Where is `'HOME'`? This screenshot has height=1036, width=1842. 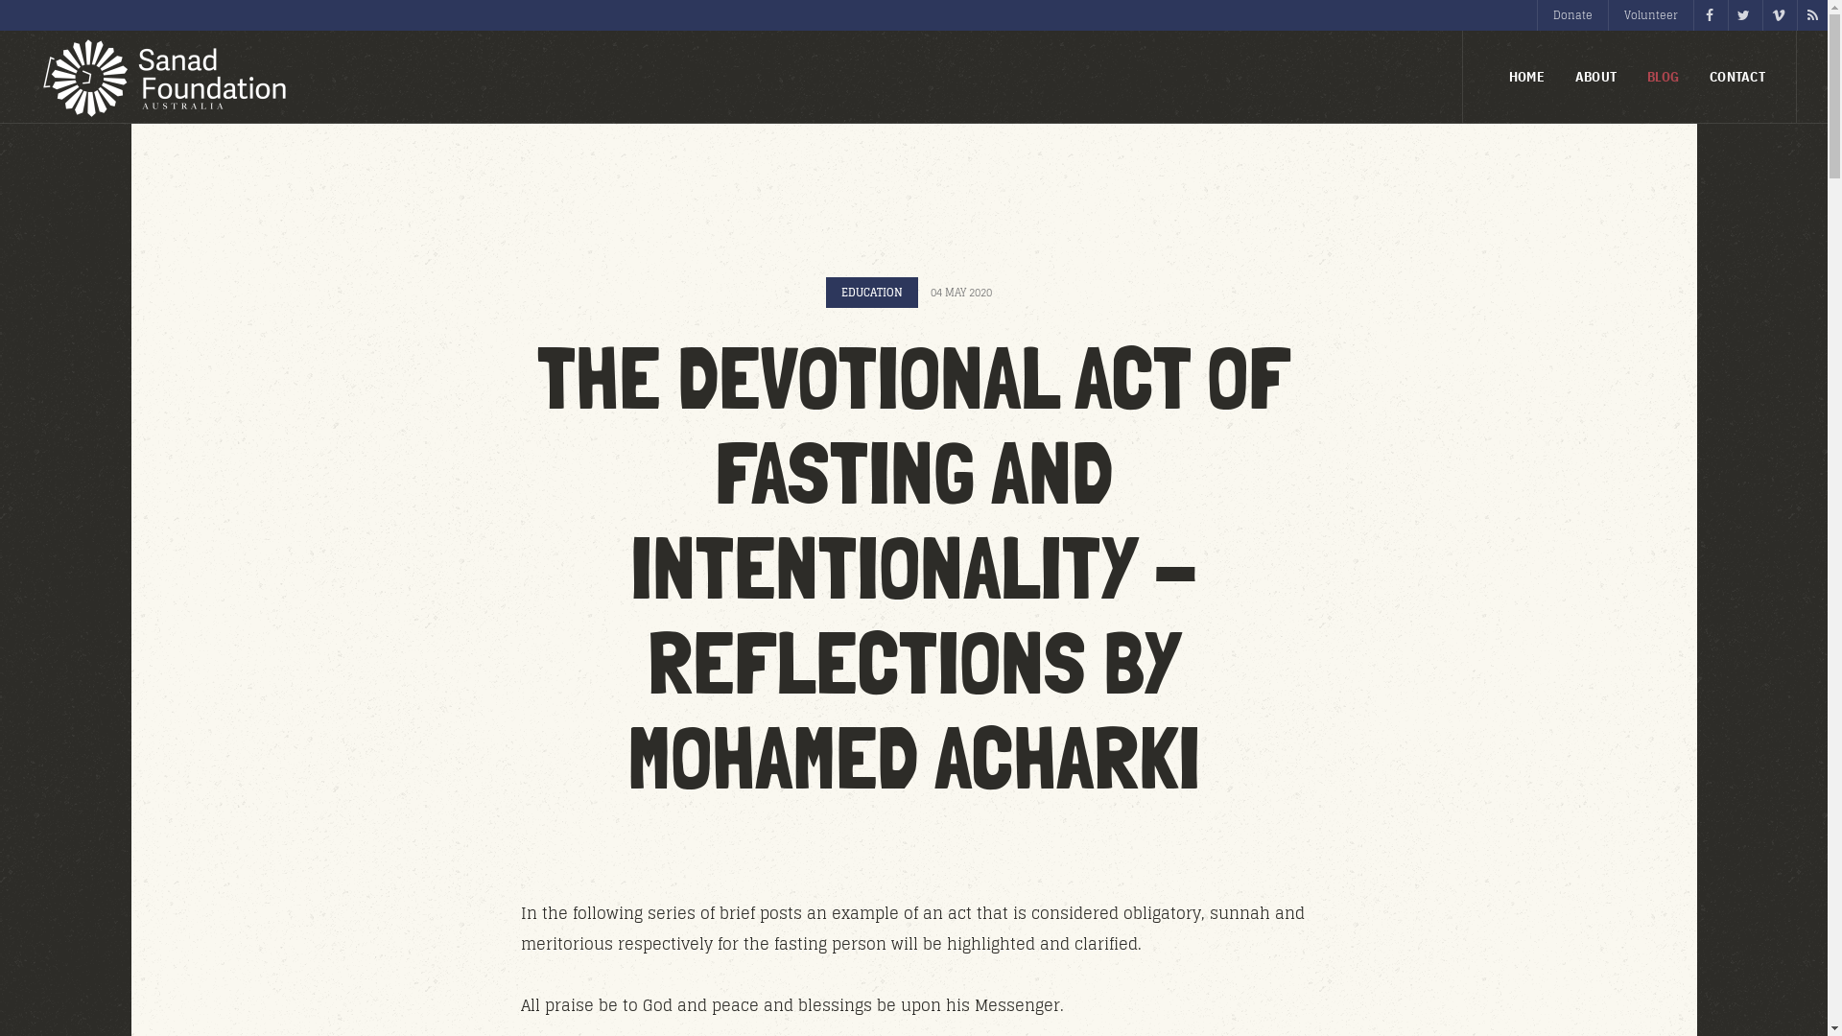 'HOME' is located at coordinates (1525, 76).